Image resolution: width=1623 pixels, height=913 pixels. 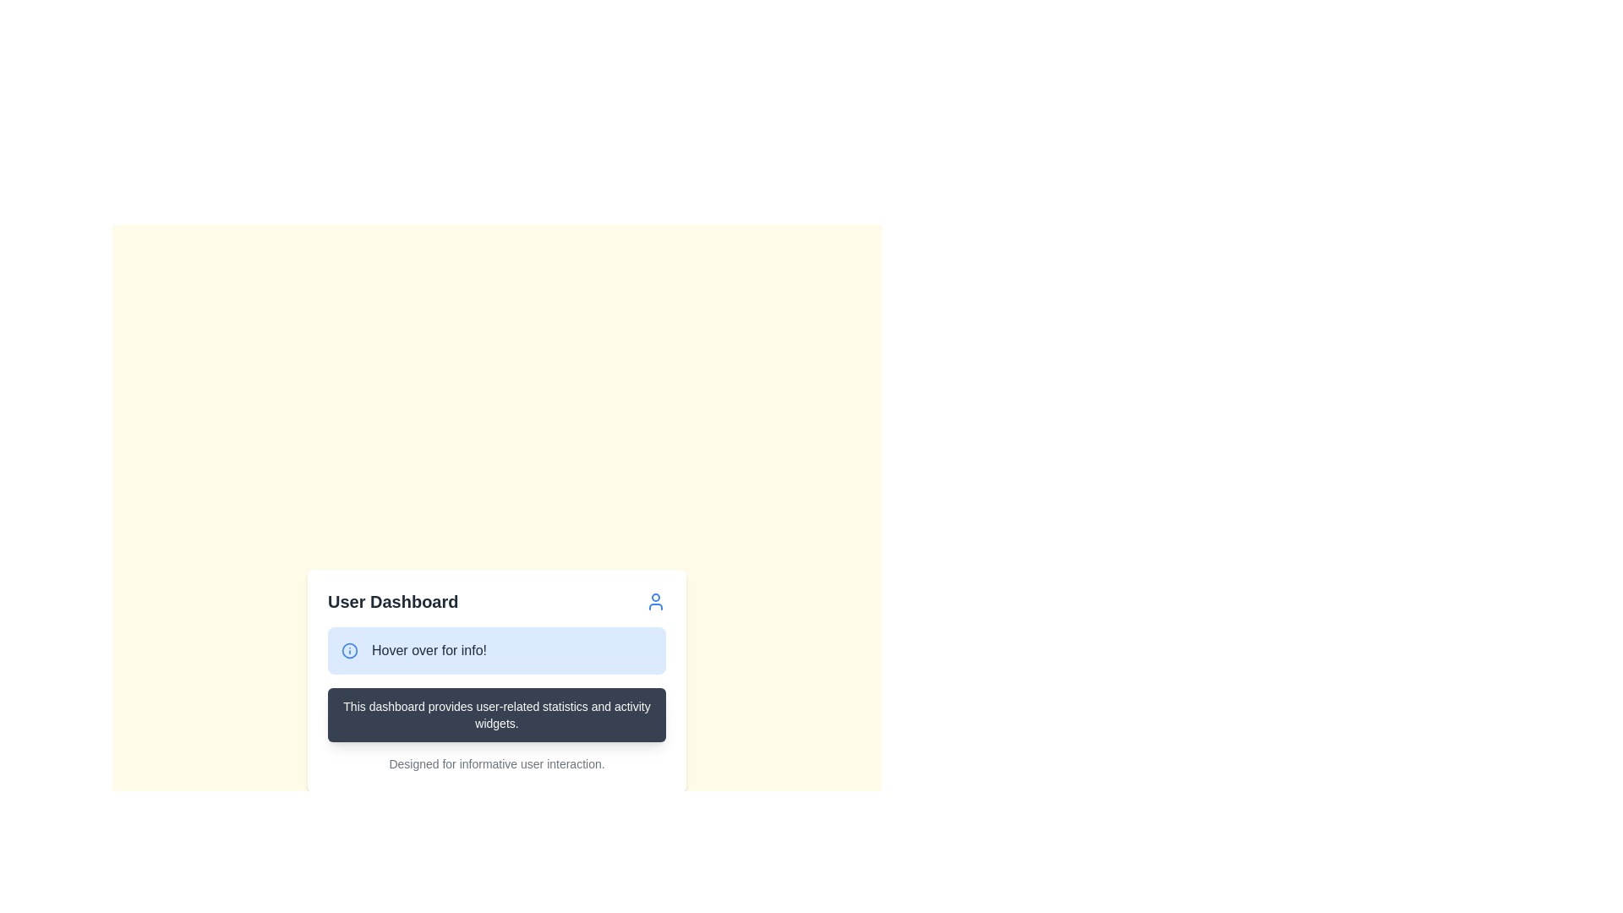 I want to click on the Text Label that indicates the purpose or content of the current section or page in the user dashboard, positioned towards the left near the top of the visible content area, so click(x=392, y=601).